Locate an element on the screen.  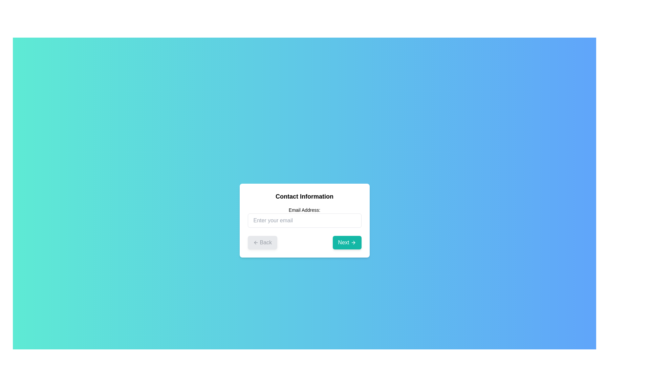
the 'Next' button, which is a teal rectangular button with rounded corners containing white text and a right-facing arrow is located at coordinates (347, 242).